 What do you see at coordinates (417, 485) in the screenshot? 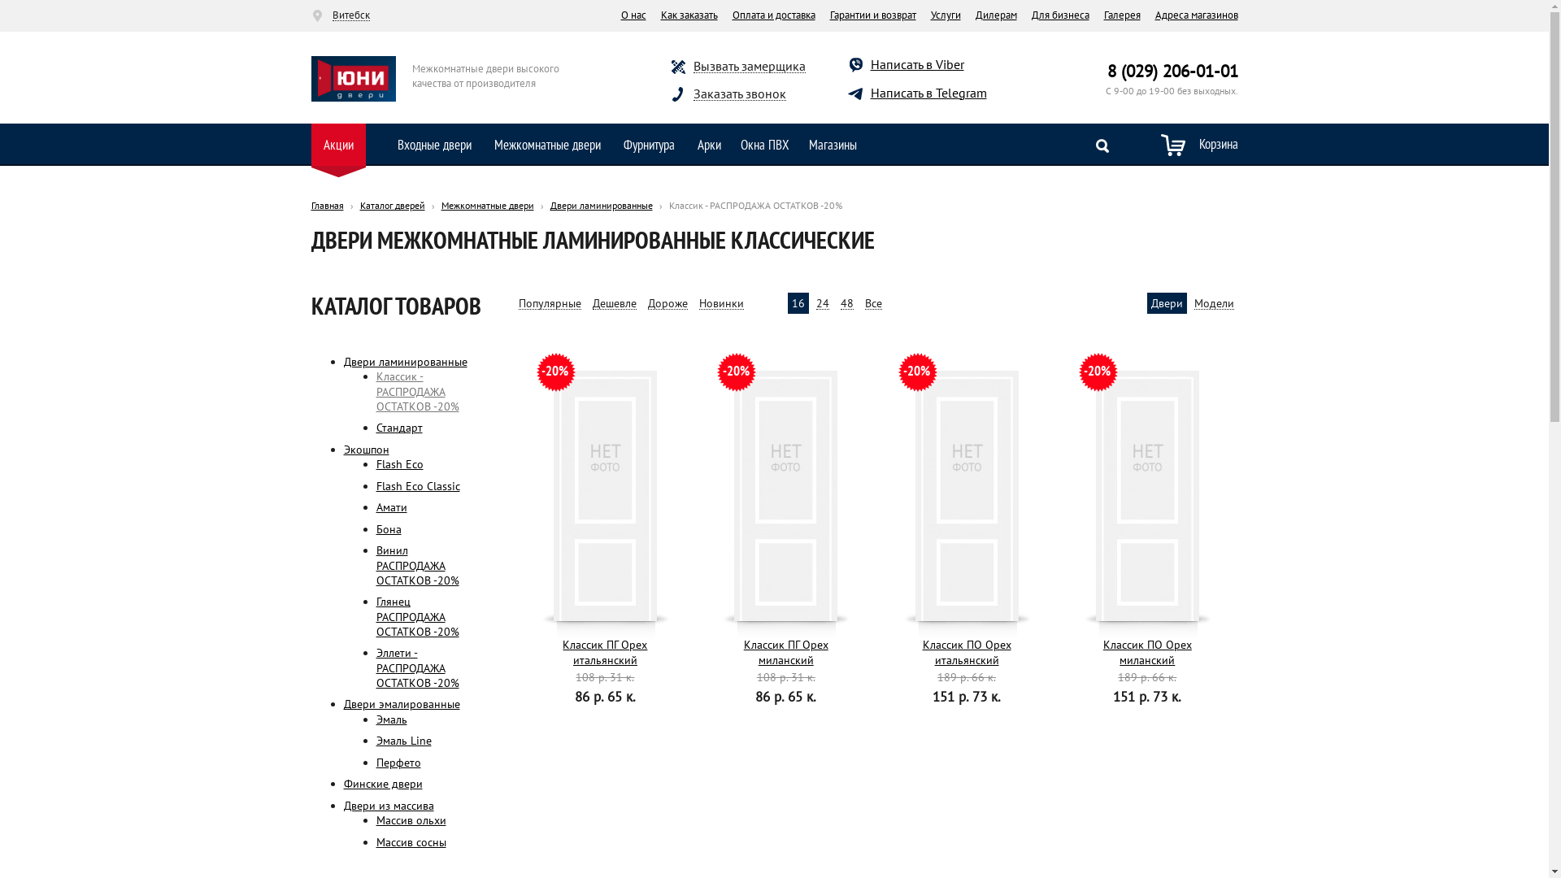
I see `'Flash Eco Classic'` at bounding box center [417, 485].